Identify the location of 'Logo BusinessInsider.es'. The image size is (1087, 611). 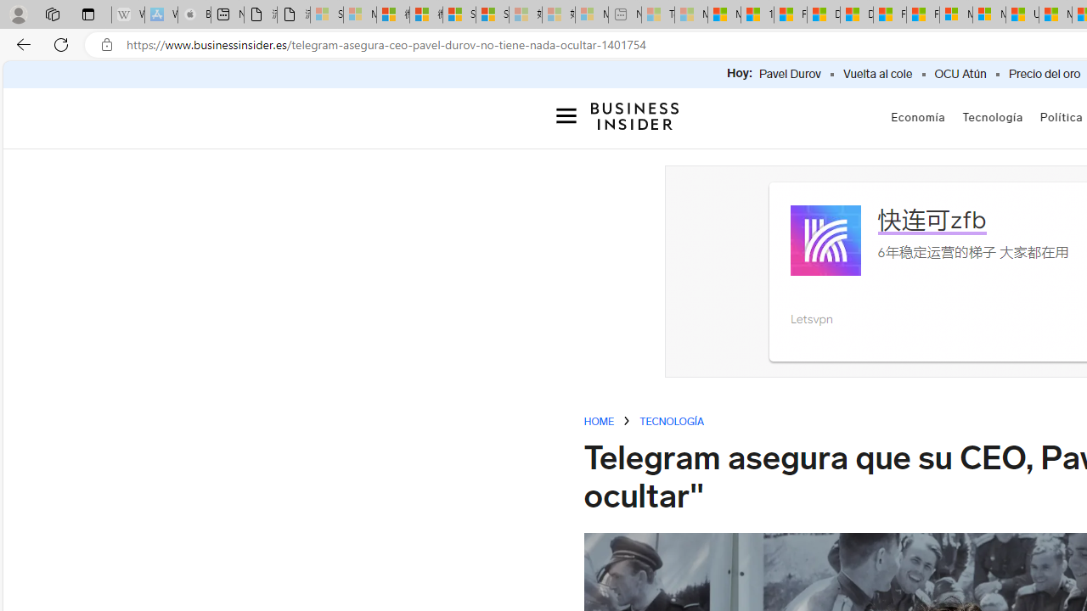
(634, 115).